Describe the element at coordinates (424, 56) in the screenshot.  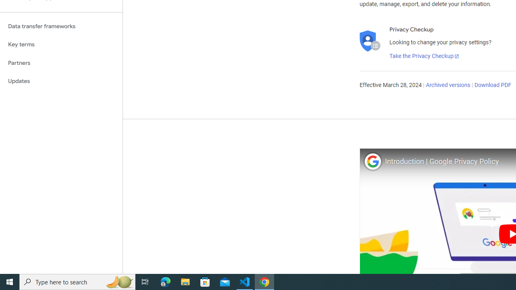
I see `'Take the Privacy Checkup'` at that location.